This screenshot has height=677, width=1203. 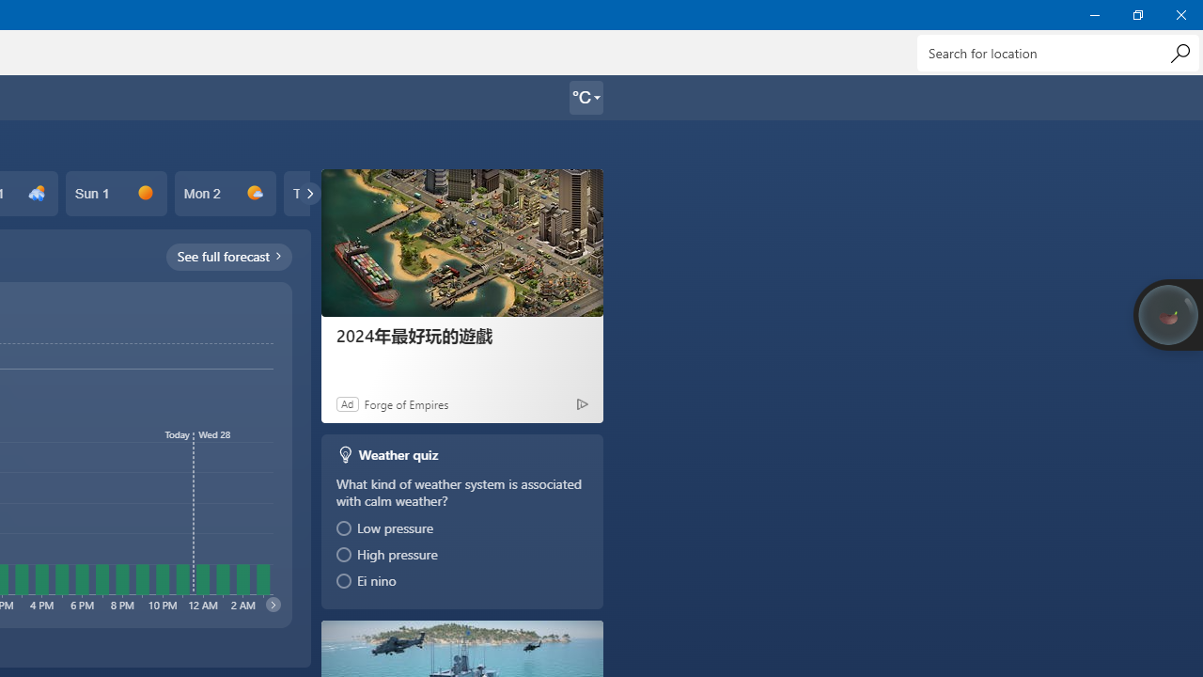 I want to click on 'Search for location', so click(x=1057, y=52).